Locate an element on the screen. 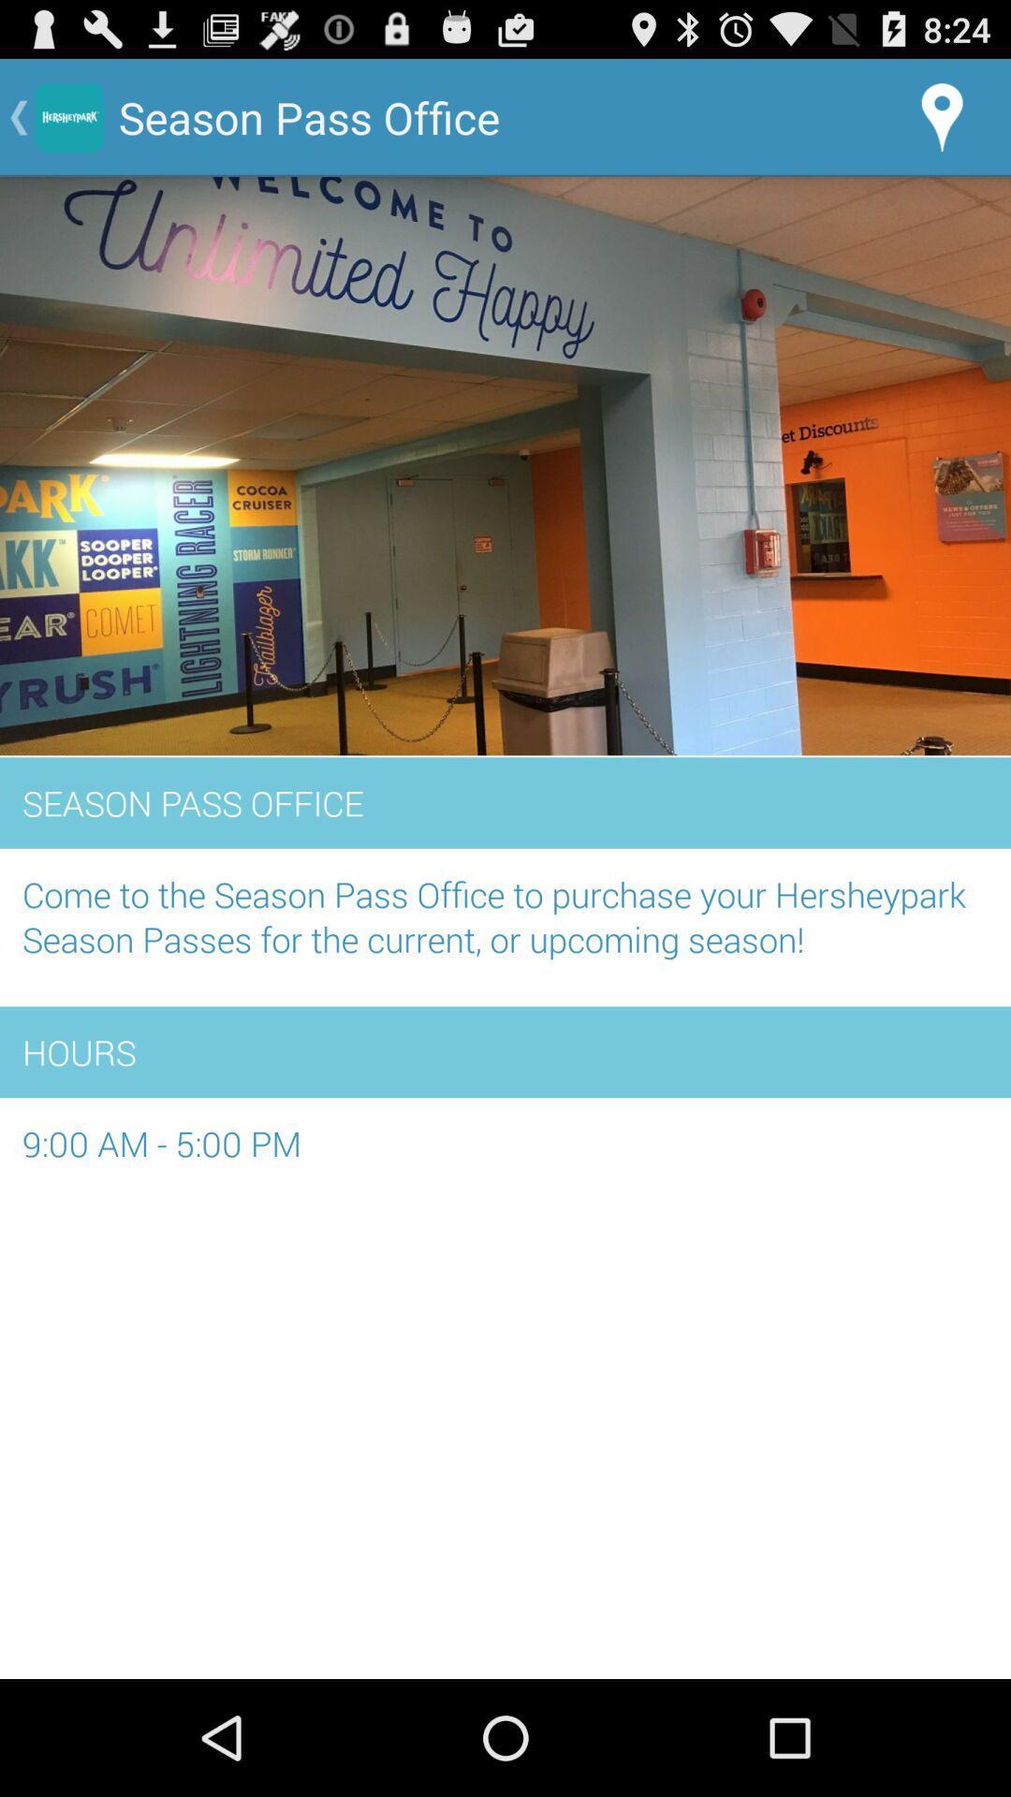 This screenshot has height=1797, width=1011. the icon above the 9 00 am icon is located at coordinates (505, 1052).